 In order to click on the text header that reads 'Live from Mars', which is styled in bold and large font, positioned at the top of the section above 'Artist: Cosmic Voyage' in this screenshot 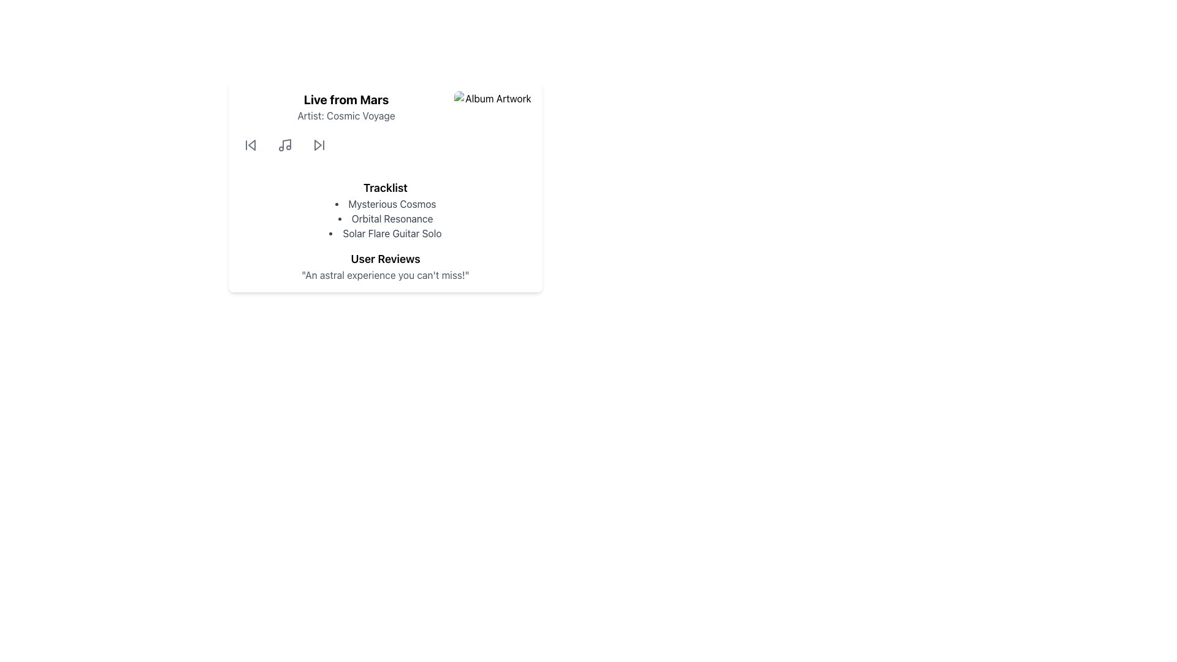, I will do `click(346, 99)`.